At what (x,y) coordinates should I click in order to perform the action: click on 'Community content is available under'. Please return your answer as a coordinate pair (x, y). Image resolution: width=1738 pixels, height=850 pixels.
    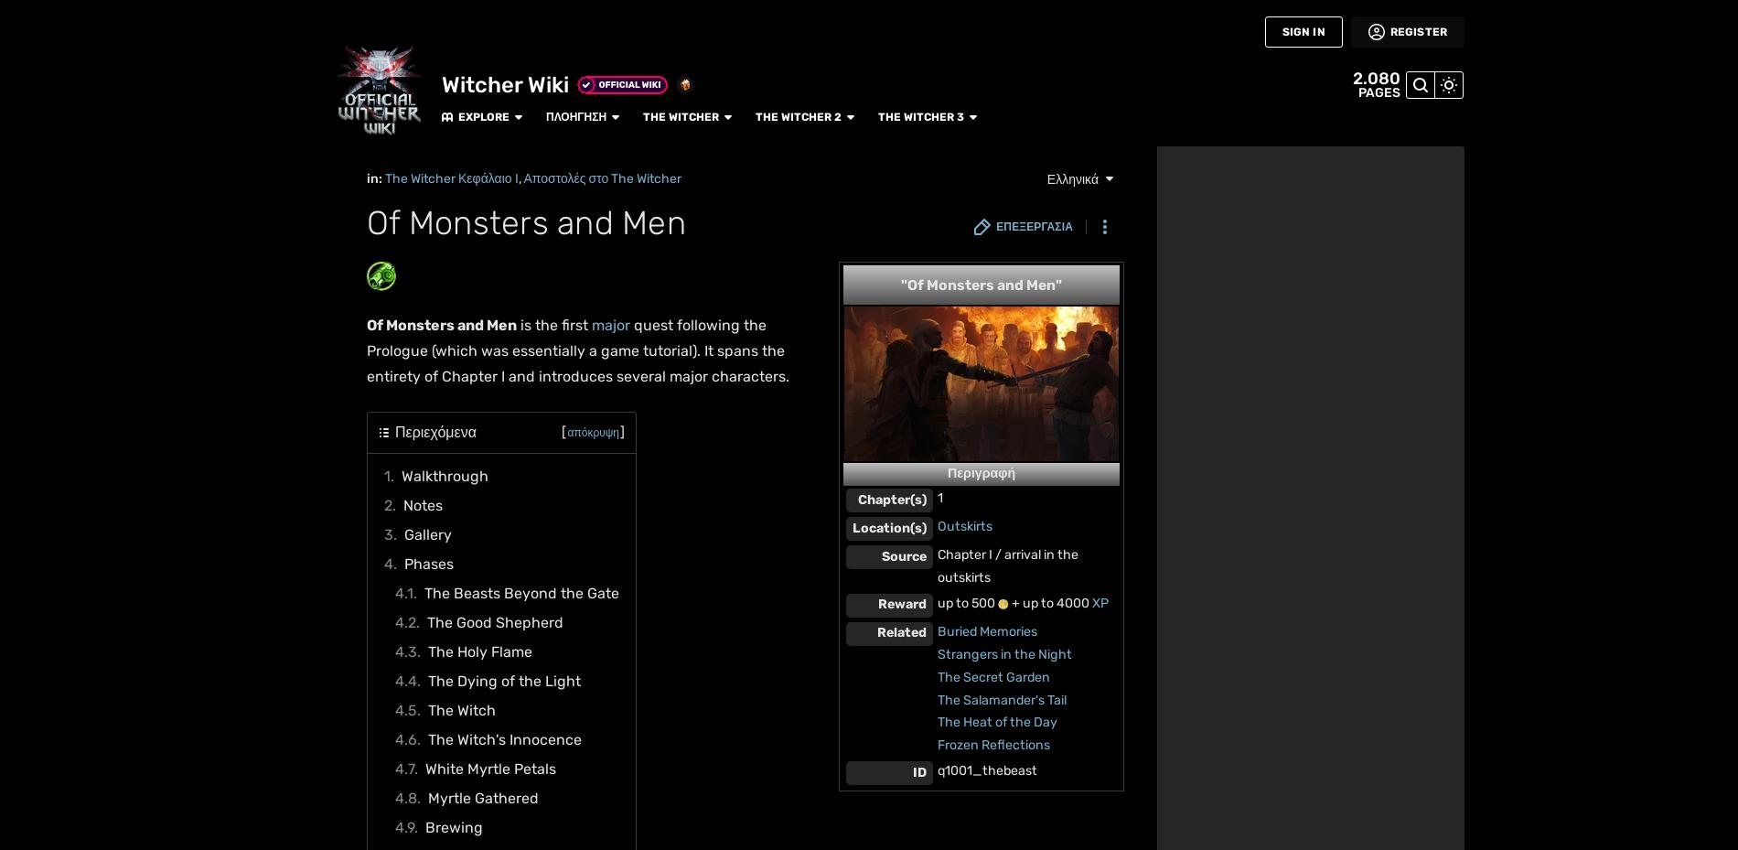
    Looking at the image, I should click on (477, 288).